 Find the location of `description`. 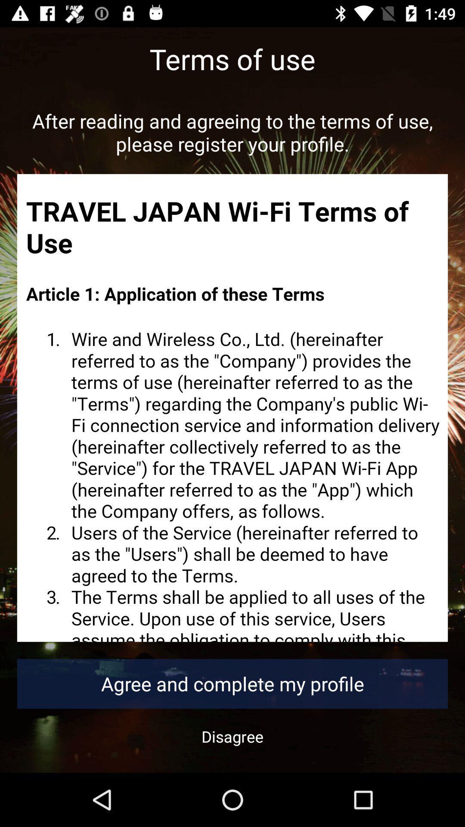

description is located at coordinates (232, 407).